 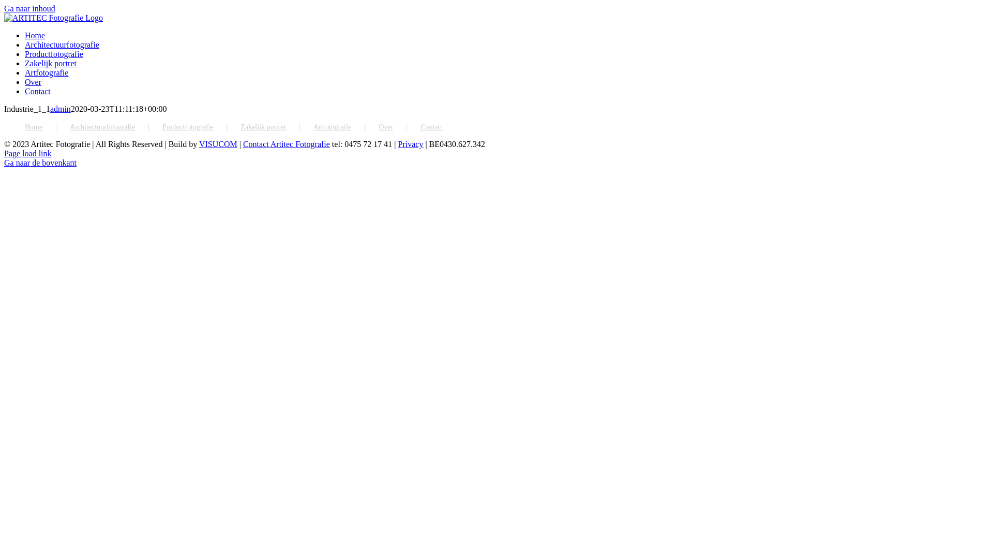 What do you see at coordinates (161, 127) in the screenshot?
I see `'Productfotografie'` at bounding box center [161, 127].